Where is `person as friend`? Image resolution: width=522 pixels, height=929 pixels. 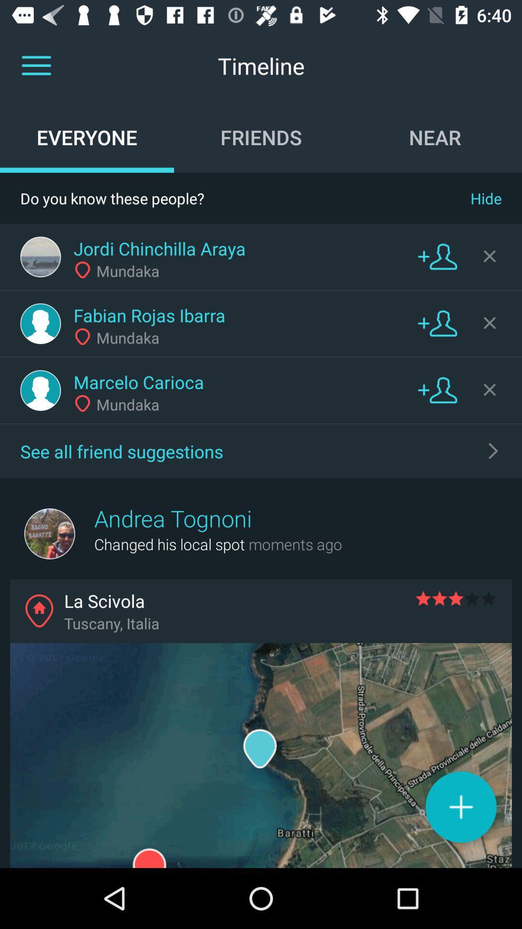
person as friend is located at coordinates (437, 256).